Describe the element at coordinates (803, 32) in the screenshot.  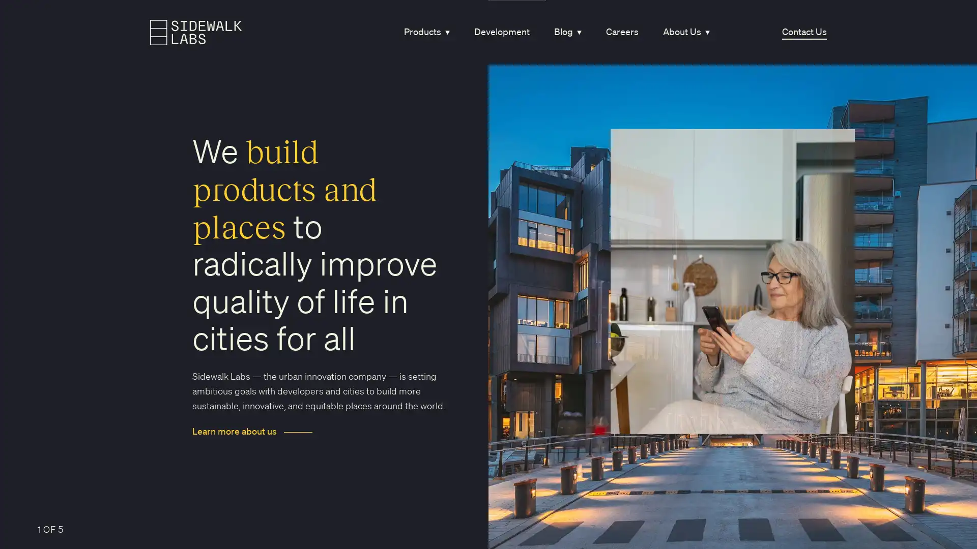
I see `Contact Us` at that location.